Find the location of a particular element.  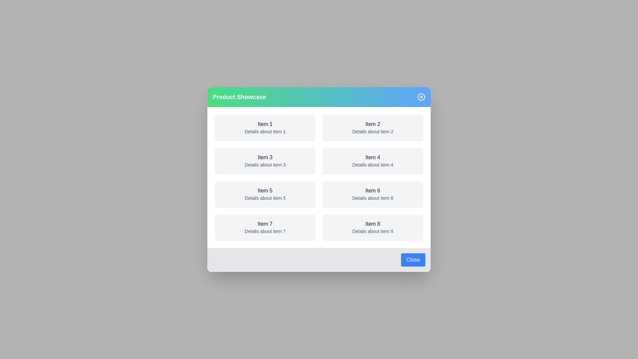

the top-right close button to close the dialog is located at coordinates (421, 97).